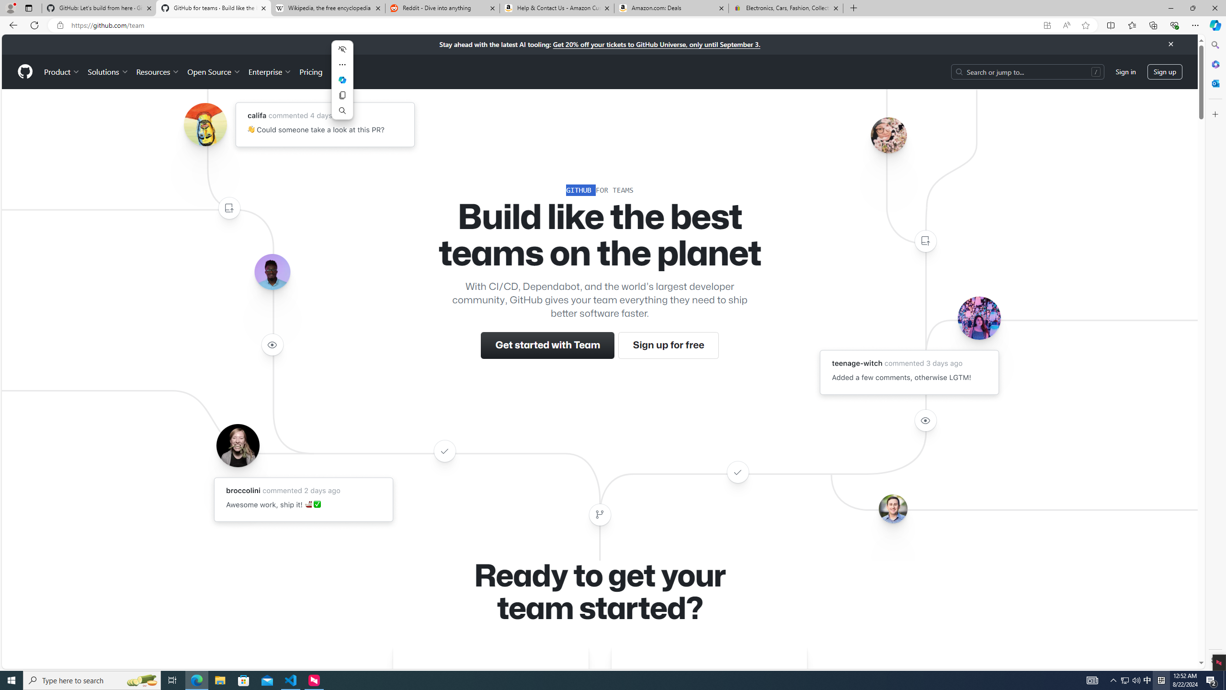 This screenshot has height=690, width=1226. Describe the element at coordinates (892, 508) in the screenshot. I see `'Avatar of the user benbalter'` at that location.